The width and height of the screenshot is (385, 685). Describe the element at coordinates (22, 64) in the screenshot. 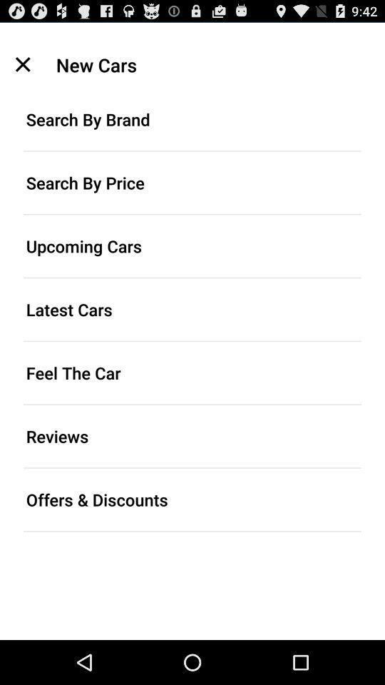

I see `closeout` at that location.